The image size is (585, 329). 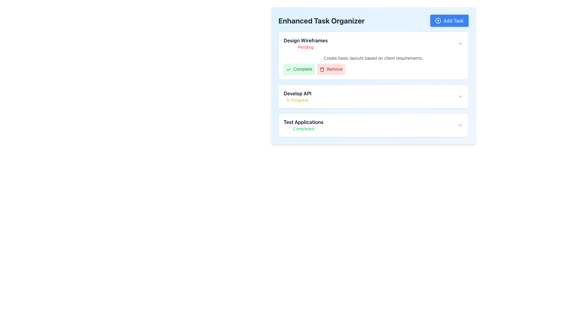 What do you see at coordinates (303, 125) in the screenshot?
I see `text from the task card labeled 'Test Applications' which indicates its status as 'Completed.' This is the third task card in the list, positioned below two other cards` at bounding box center [303, 125].